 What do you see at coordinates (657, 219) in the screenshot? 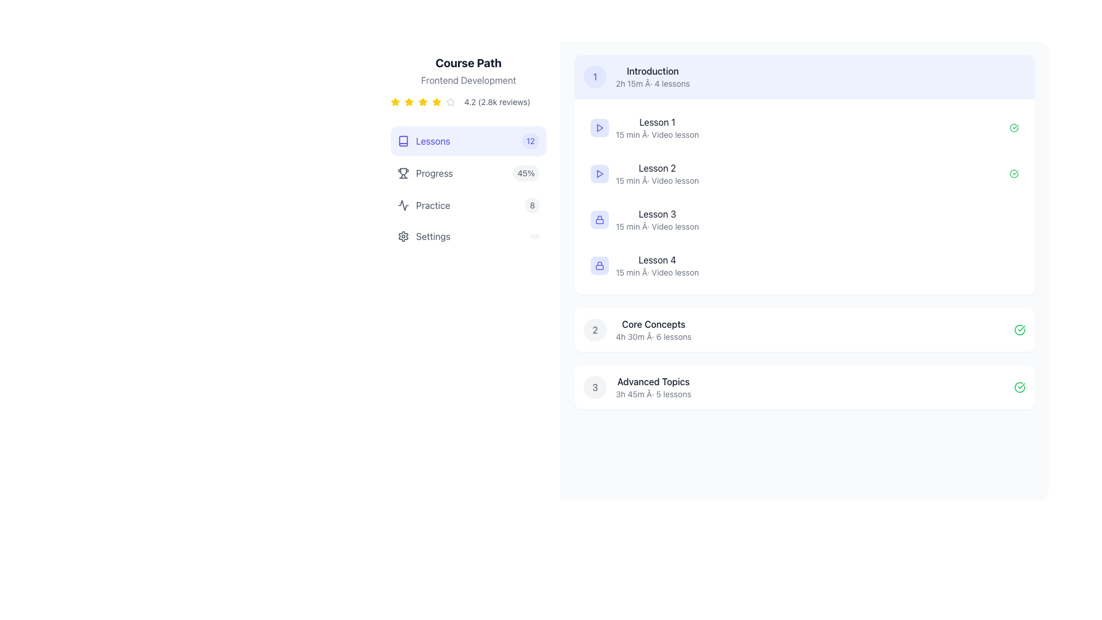
I see `the Text display block containing 'Lesson 3' with the details '15 min Â· Video lesson' in a vertical list of lessons` at bounding box center [657, 219].